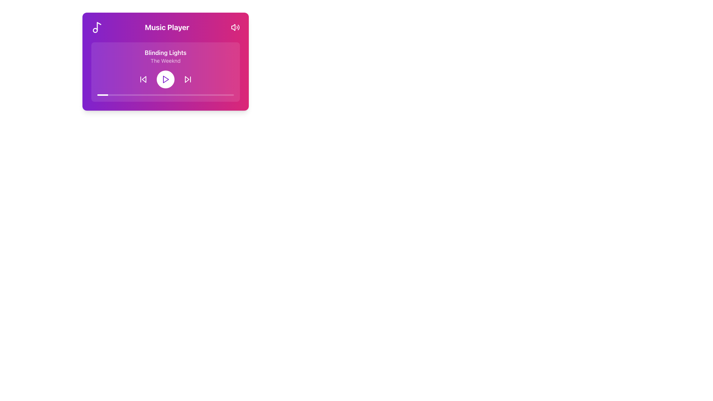  Describe the element at coordinates (235, 27) in the screenshot. I see `the volume control icon located at the top-right corner of the 'Music Player' section to mute/unmute the audio output` at that location.